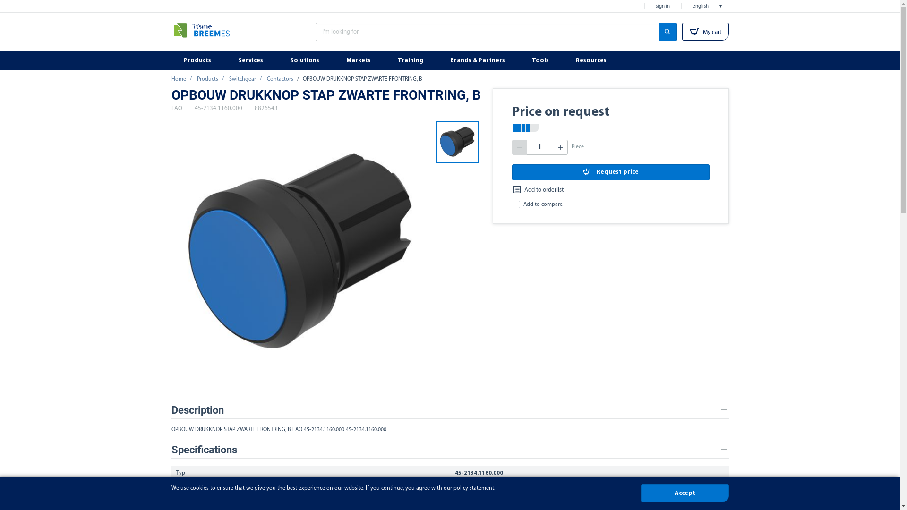 The image size is (907, 510). Describe the element at coordinates (591, 60) in the screenshot. I see `'Resources'` at that location.